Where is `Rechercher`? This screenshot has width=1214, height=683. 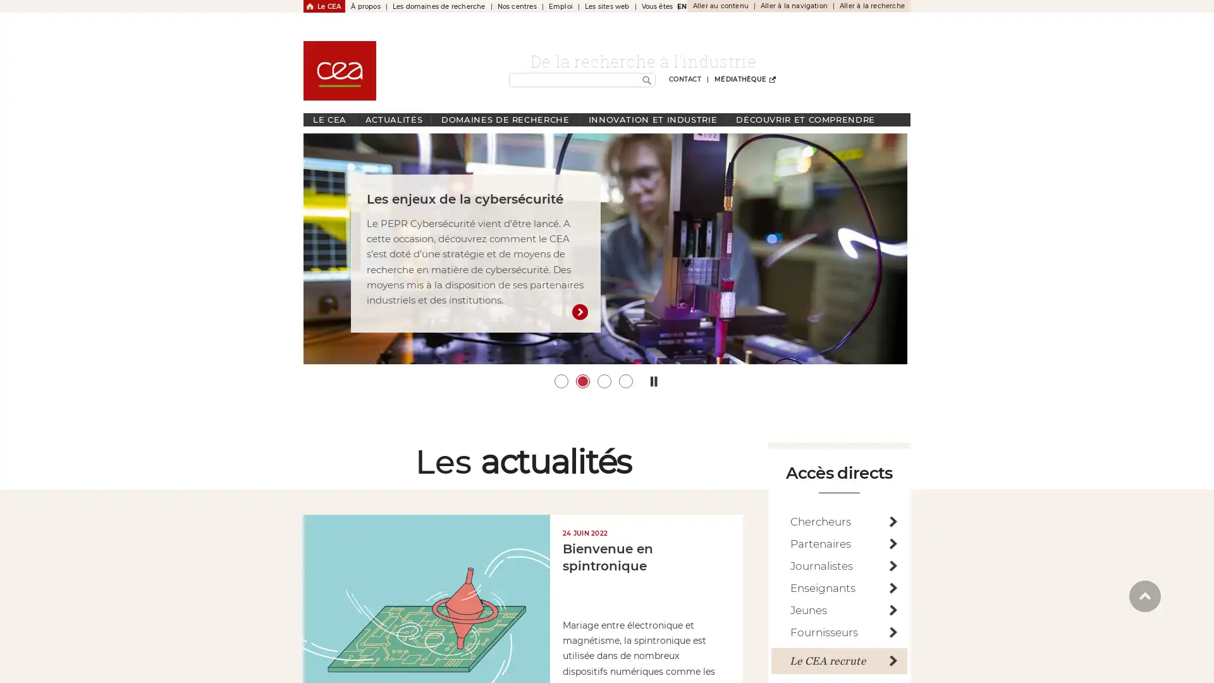
Rechercher is located at coordinates (646, 80).